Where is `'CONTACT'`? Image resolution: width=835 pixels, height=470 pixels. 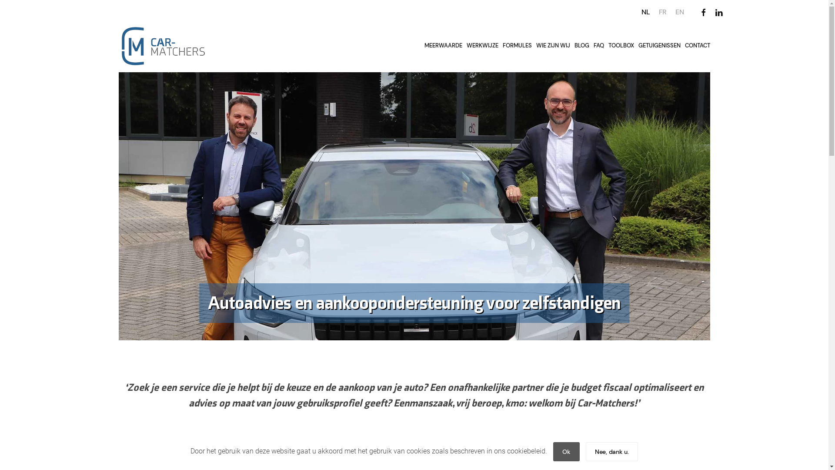
'CONTACT' is located at coordinates (697, 46).